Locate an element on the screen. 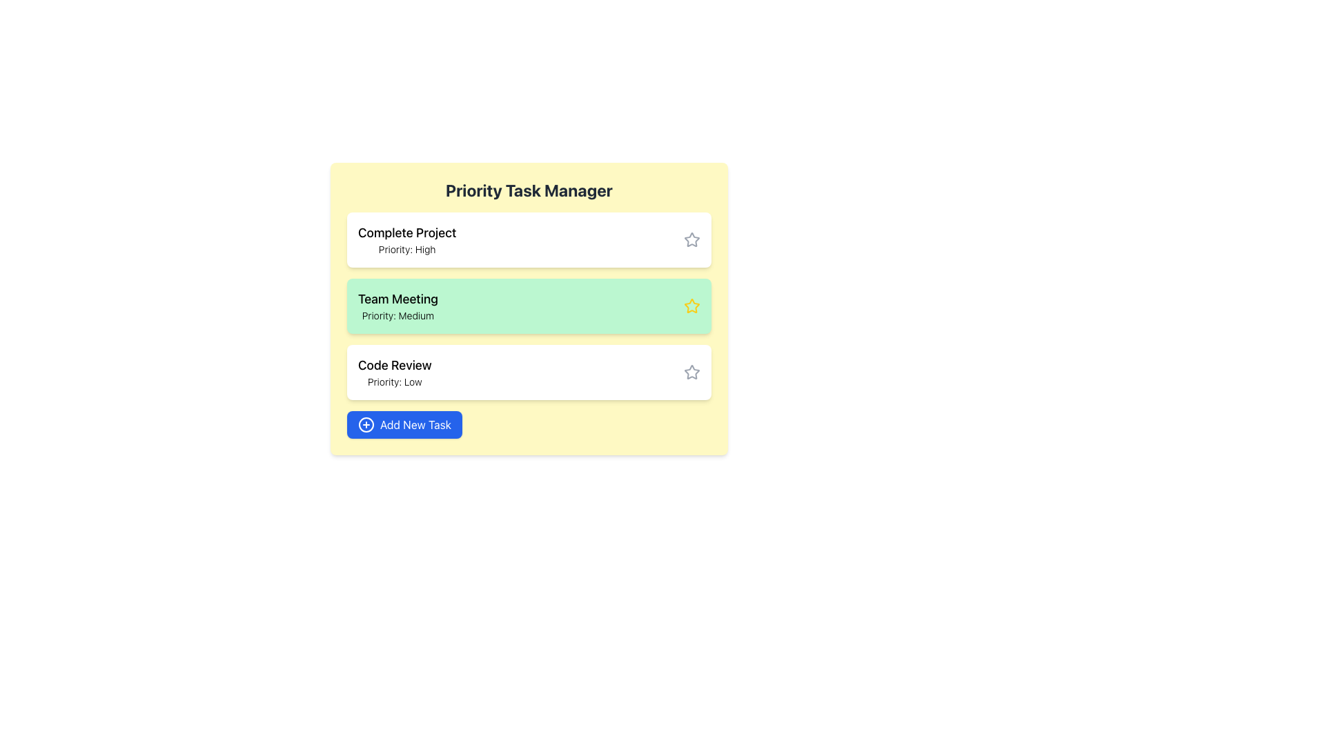 This screenshot has height=745, width=1325. the text label that reads 'Priority: High', which is styled with a small font size and light font weight, located below the title 'Complete Project' in the first task box is located at coordinates (406, 250).